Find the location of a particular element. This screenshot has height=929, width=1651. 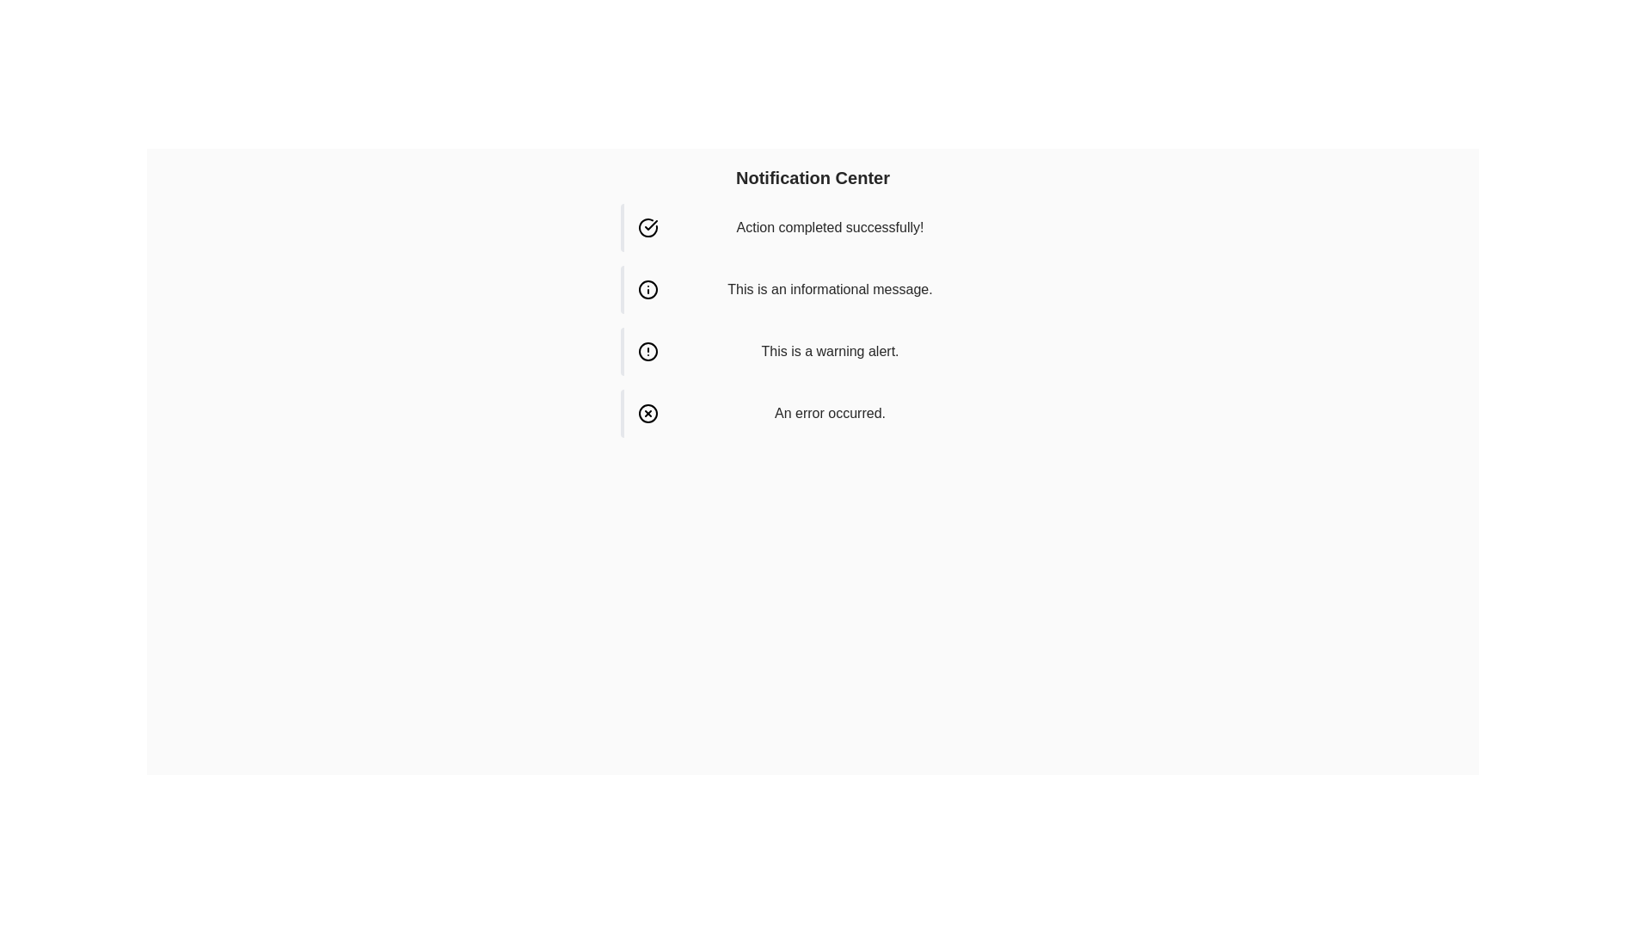

the circular yellow warning icon with an exclamation mark, located to the left of the notification block containing the text 'This is a warning alert.' is located at coordinates (647, 350).